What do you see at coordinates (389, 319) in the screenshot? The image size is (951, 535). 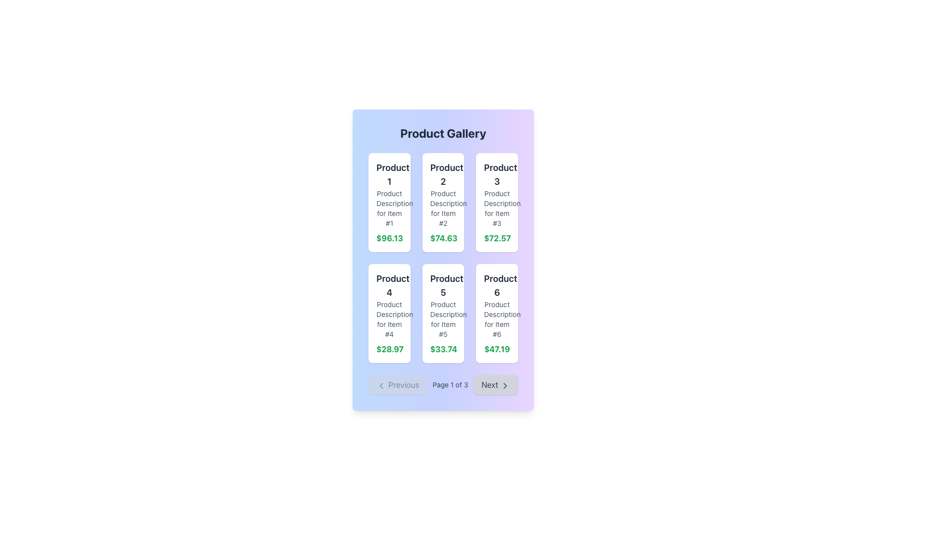 I see `the descriptive text element providing details about 'Product 4', which is located in the middle of three vertically stacked components in the leftmost card of the second row in the product grid` at bounding box center [389, 319].